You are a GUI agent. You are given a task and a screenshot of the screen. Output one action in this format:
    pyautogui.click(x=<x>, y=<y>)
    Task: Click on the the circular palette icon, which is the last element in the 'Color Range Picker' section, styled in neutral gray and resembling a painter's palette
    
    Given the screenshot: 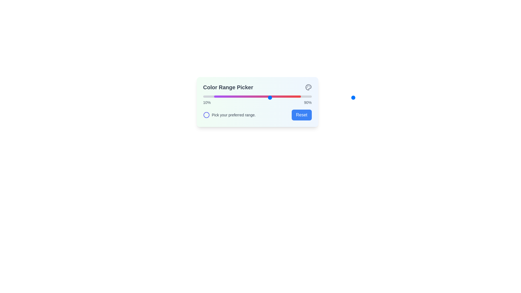 What is the action you would take?
    pyautogui.click(x=308, y=87)
    